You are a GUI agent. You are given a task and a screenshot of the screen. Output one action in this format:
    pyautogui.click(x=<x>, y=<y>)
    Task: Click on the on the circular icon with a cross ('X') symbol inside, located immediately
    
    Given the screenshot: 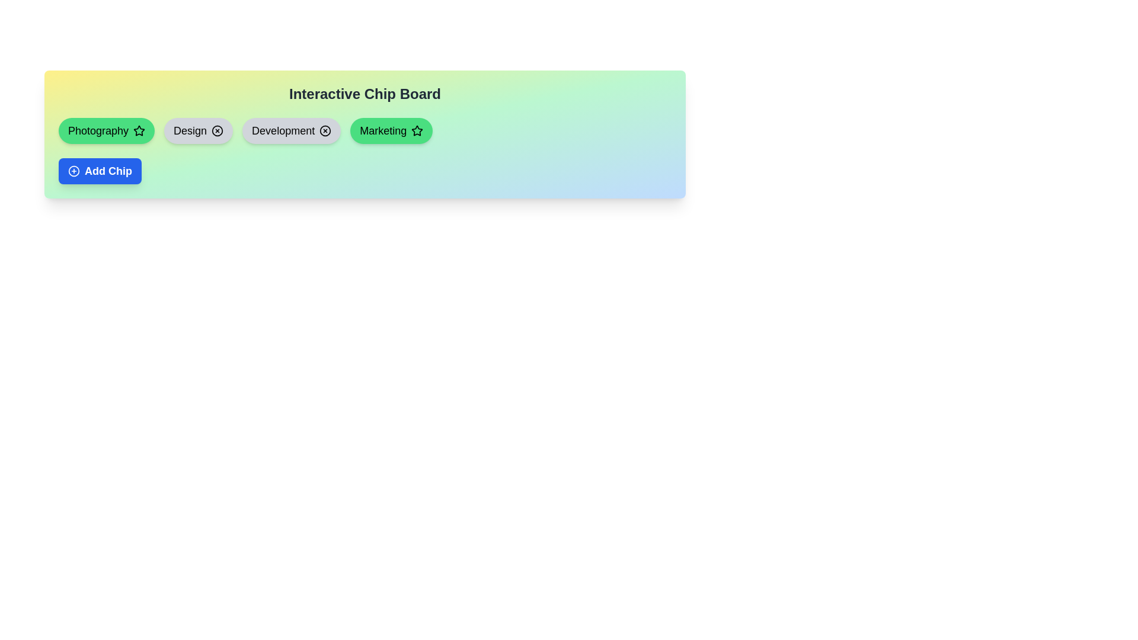 What is the action you would take?
    pyautogui.click(x=325, y=130)
    